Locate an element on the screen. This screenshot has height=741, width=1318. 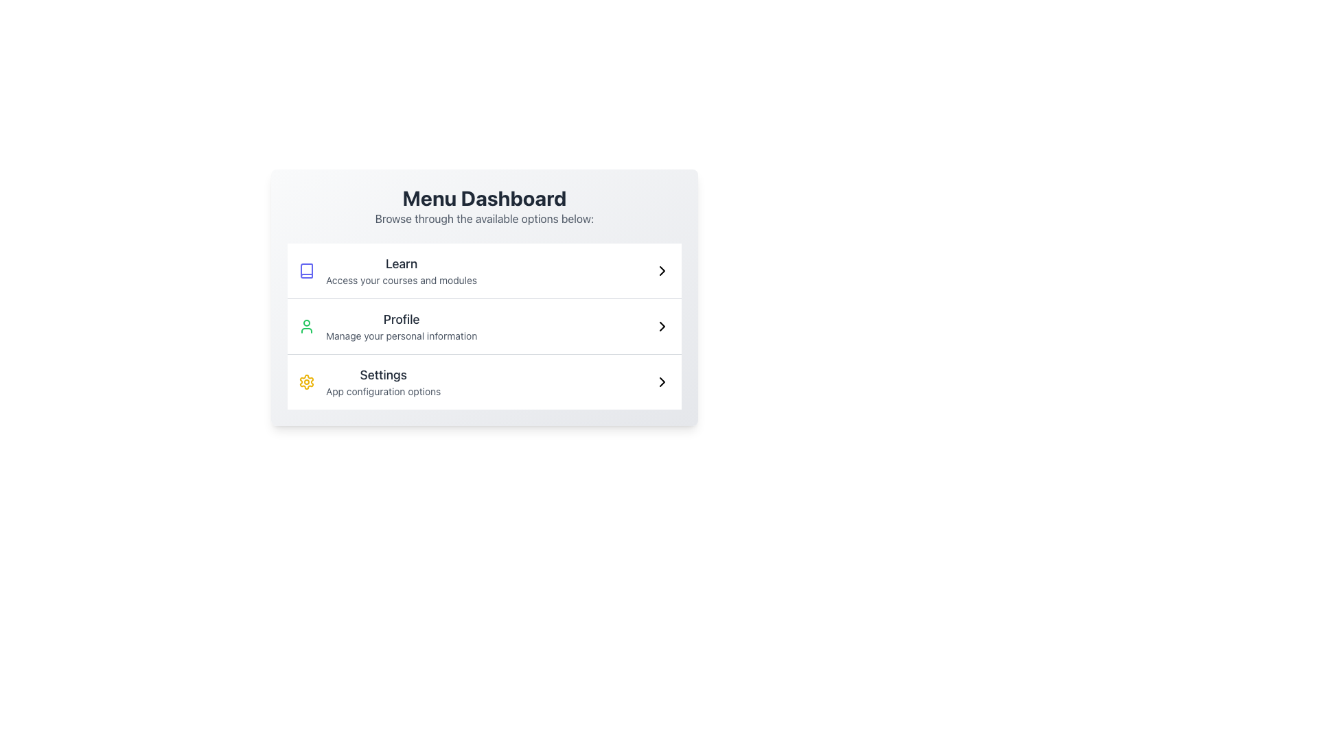
static label or description text located below the 'Profile' title in the middle section of the menu layout for informational purposes is located at coordinates (401, 336).